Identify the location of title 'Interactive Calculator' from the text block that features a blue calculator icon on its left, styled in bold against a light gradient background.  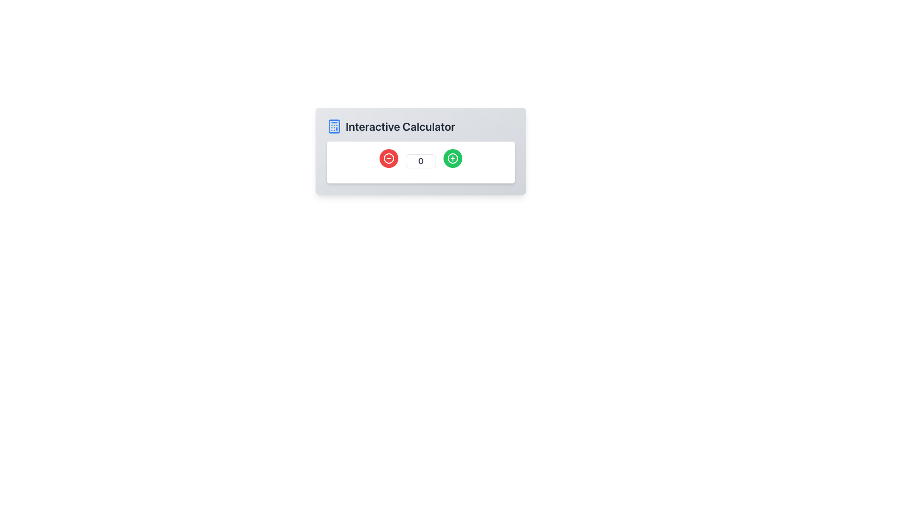
(420, 126).